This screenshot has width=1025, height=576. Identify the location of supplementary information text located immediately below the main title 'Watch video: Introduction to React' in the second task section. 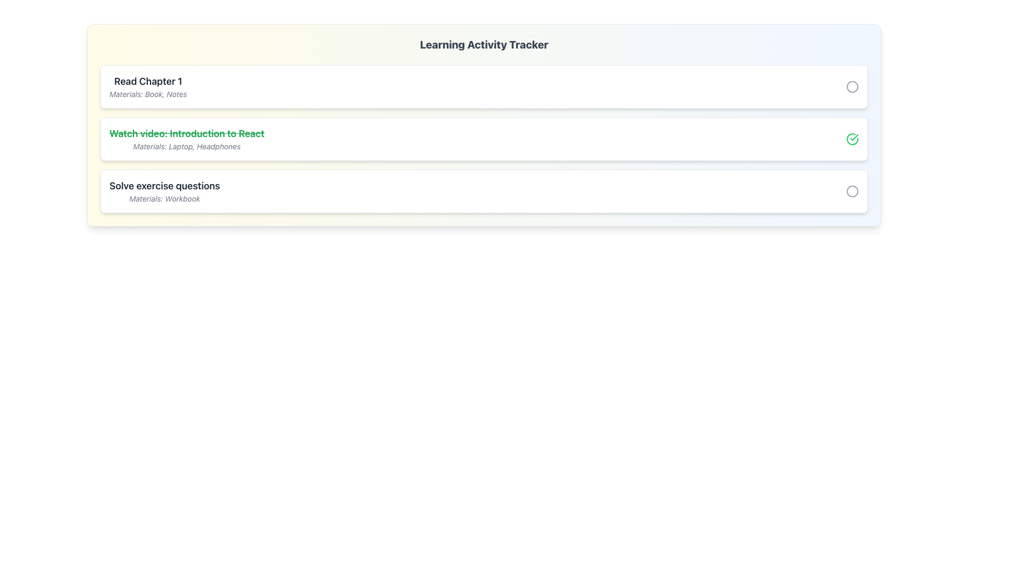
(187, 146).